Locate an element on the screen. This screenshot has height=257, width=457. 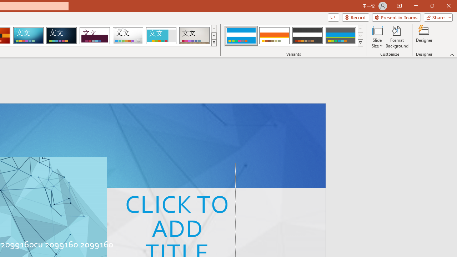
'Banded Variant 1' is located at coordinates (241, 36).